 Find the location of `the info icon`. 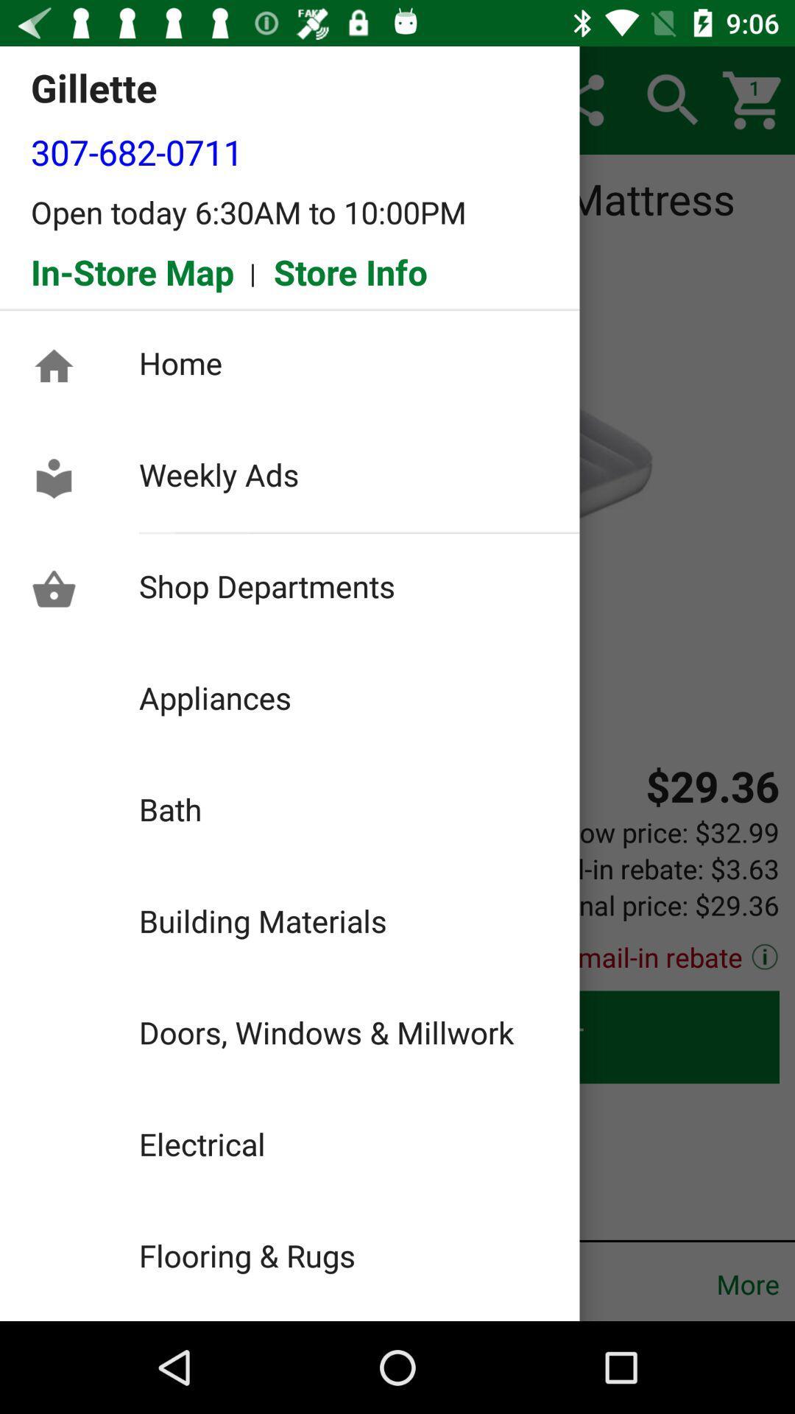

the info icon is located at coordinates (764, 957).